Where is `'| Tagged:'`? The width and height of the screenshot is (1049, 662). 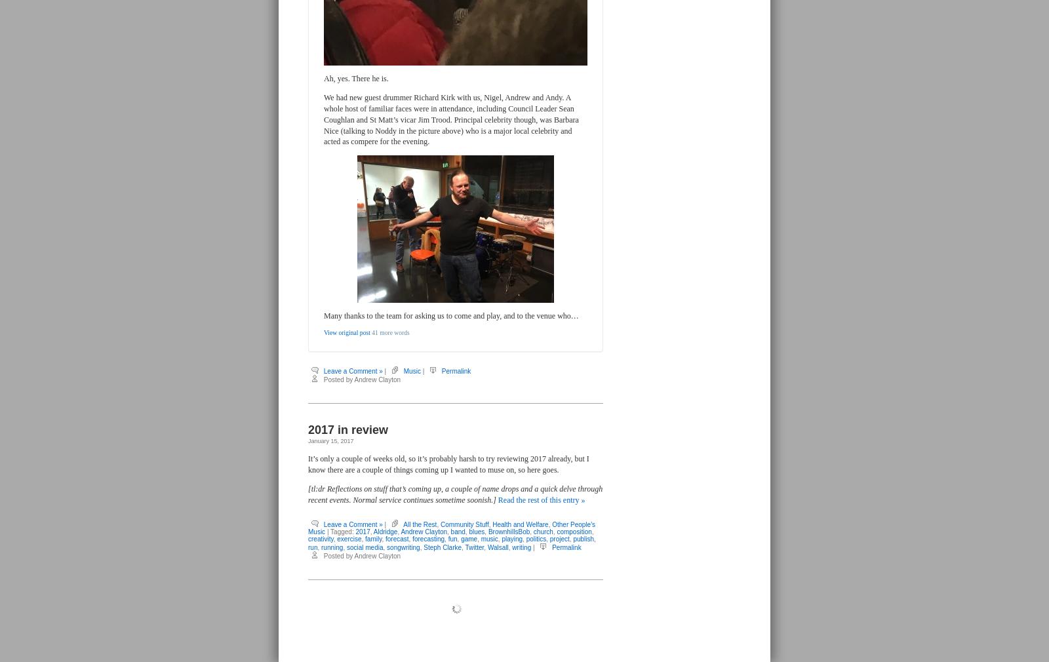
'| Tagged:' is located at coordinates (340, 532).